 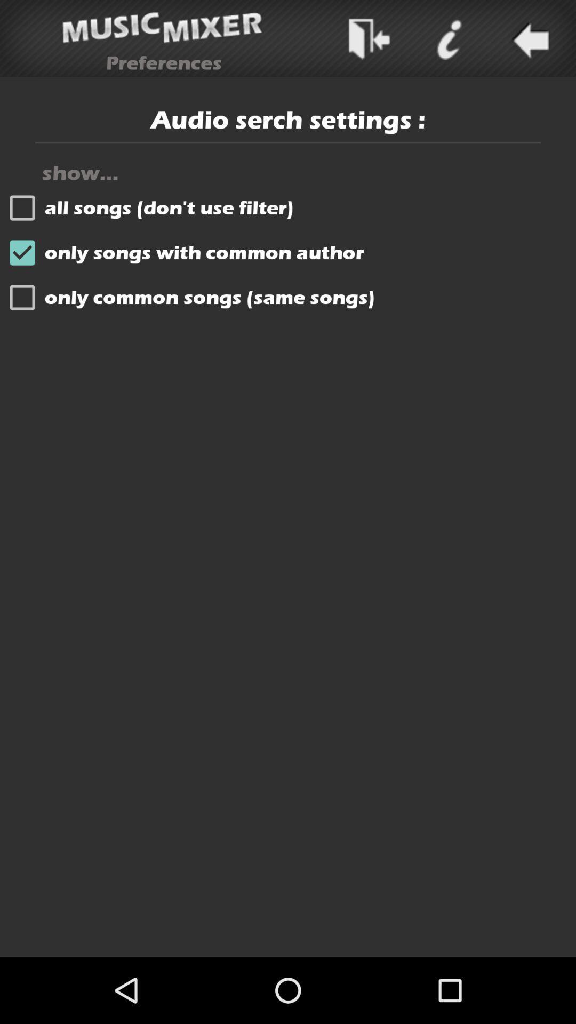 I want to click on menu page, so click(x=449, y=38).